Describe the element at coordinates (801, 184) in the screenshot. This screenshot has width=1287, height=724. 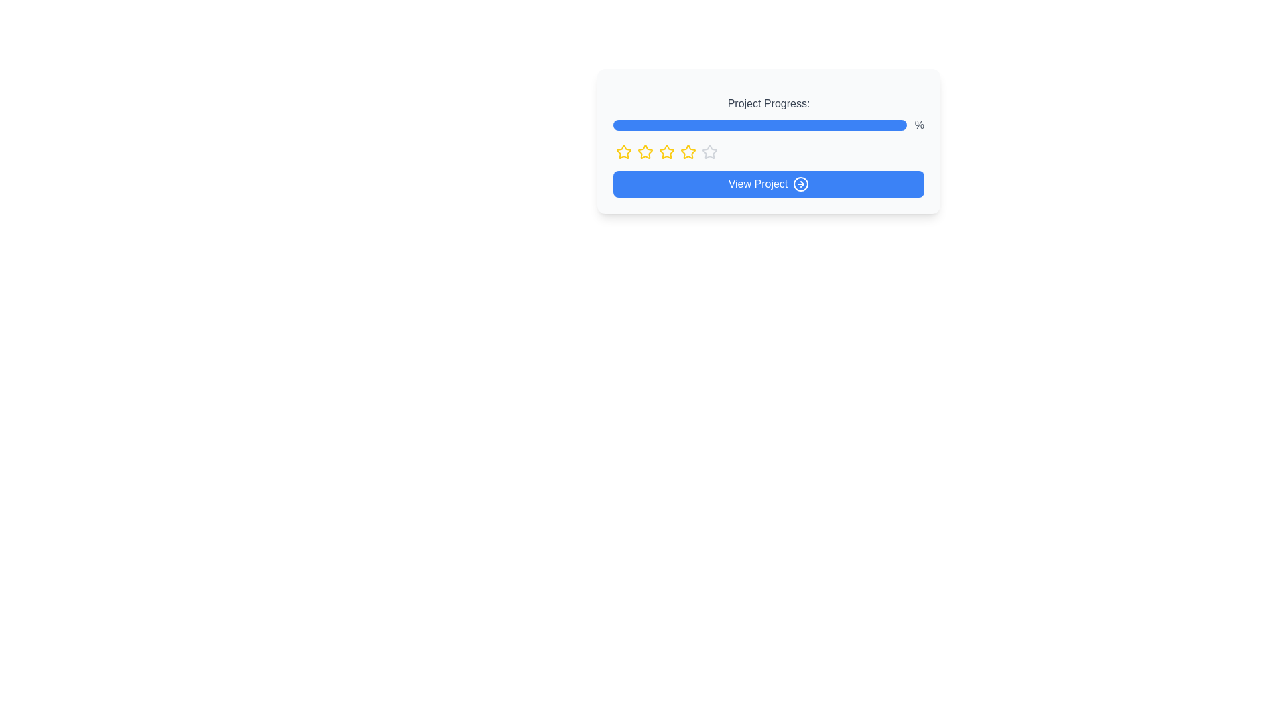
I see `the circular graphic element with a blue stroke located beside the 'View Project' text, which is part of an interactive icon` at that location.